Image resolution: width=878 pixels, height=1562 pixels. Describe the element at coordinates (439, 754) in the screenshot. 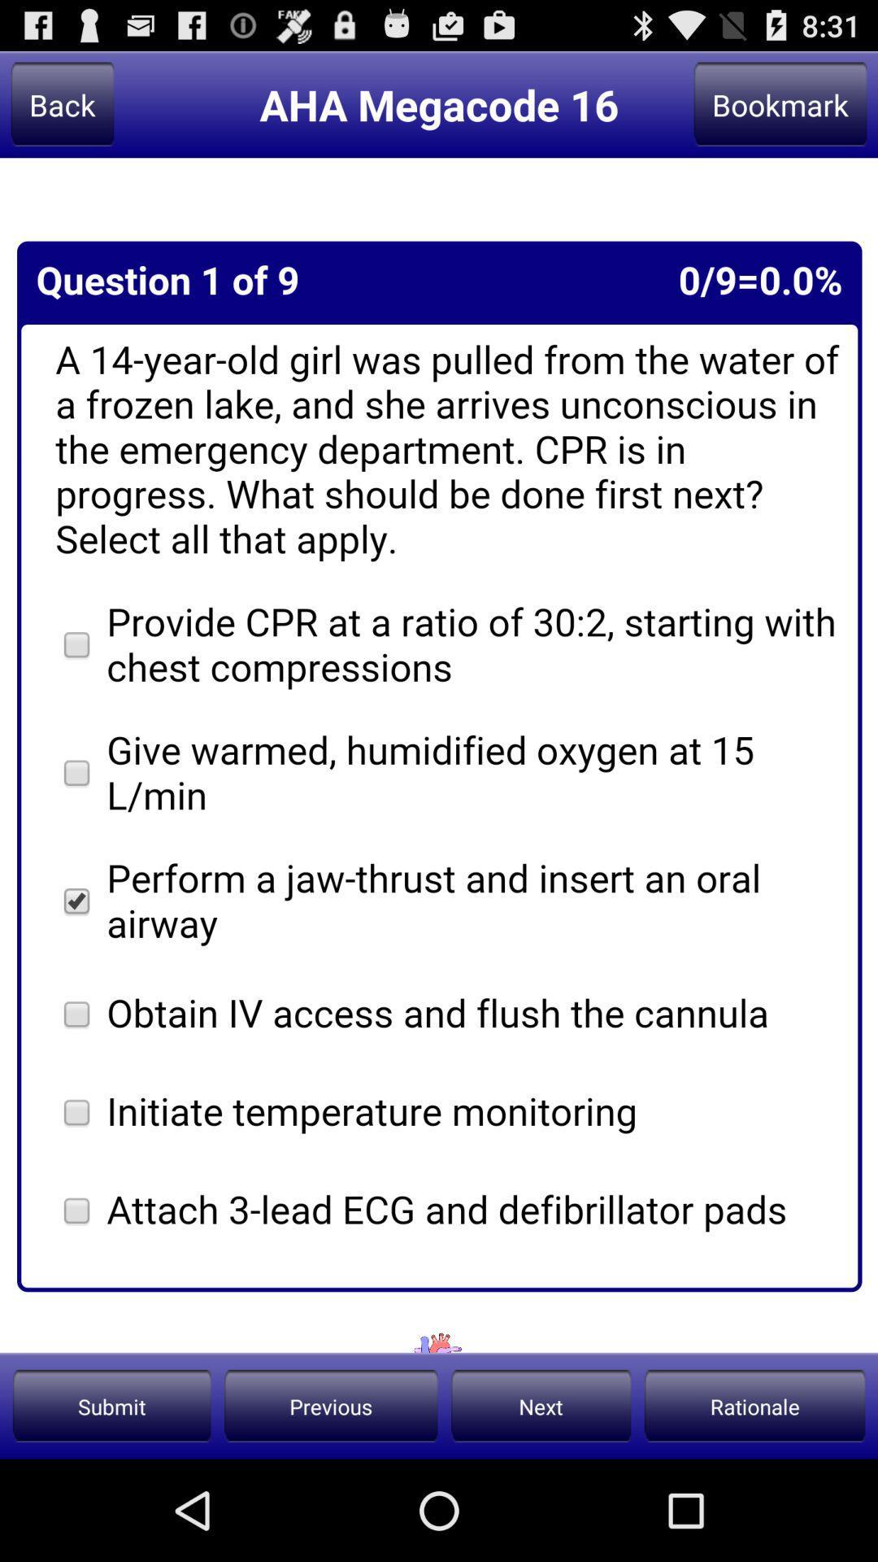

I see `description` at that location.